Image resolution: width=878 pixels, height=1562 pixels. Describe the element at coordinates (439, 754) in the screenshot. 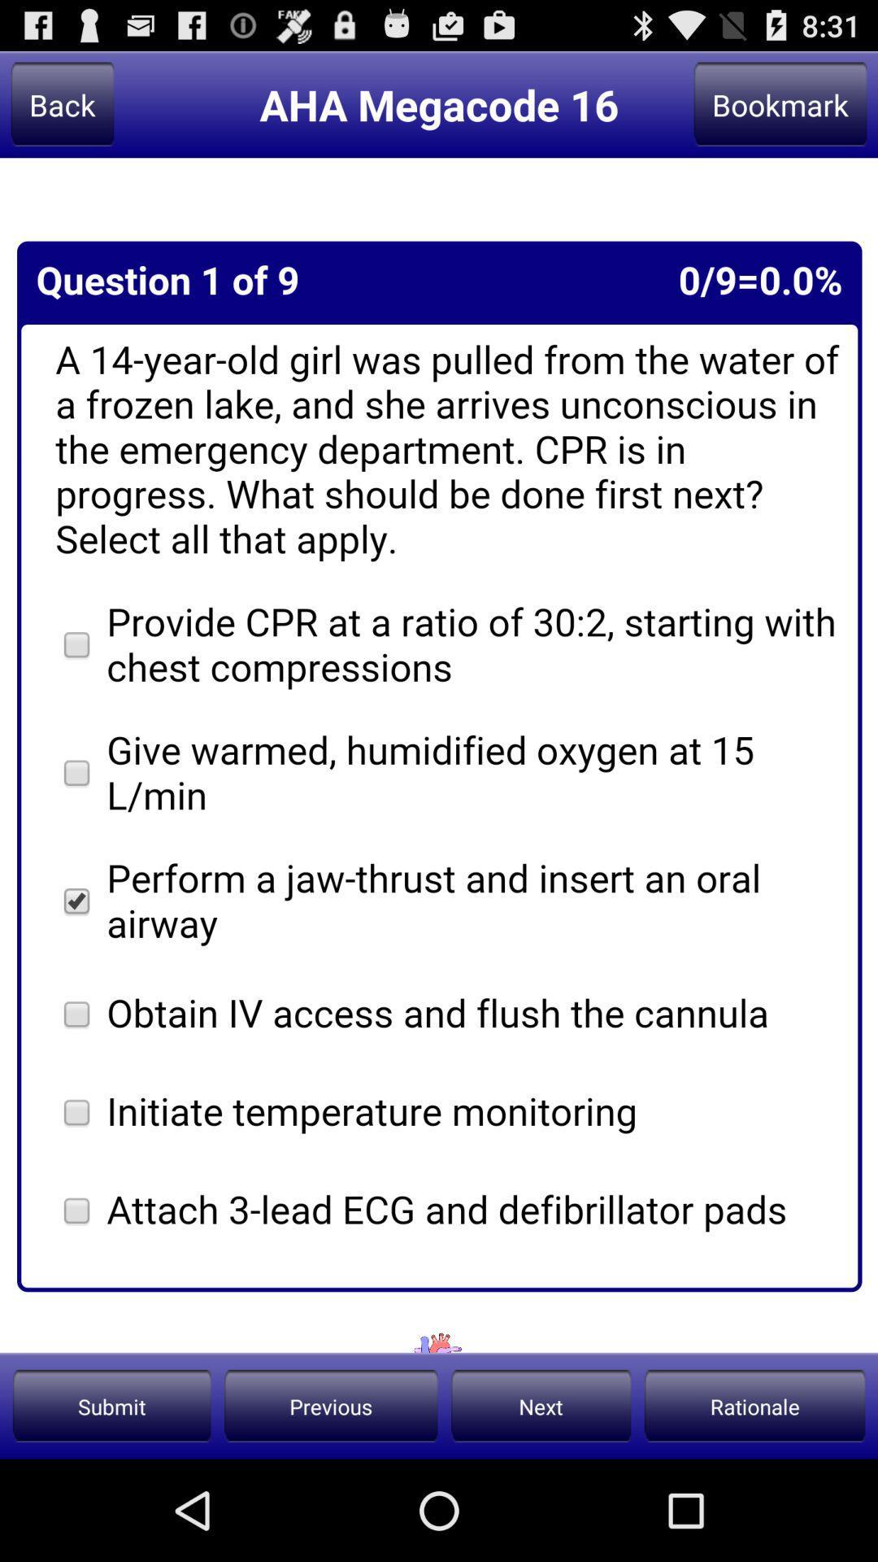

I see `description` at that location.